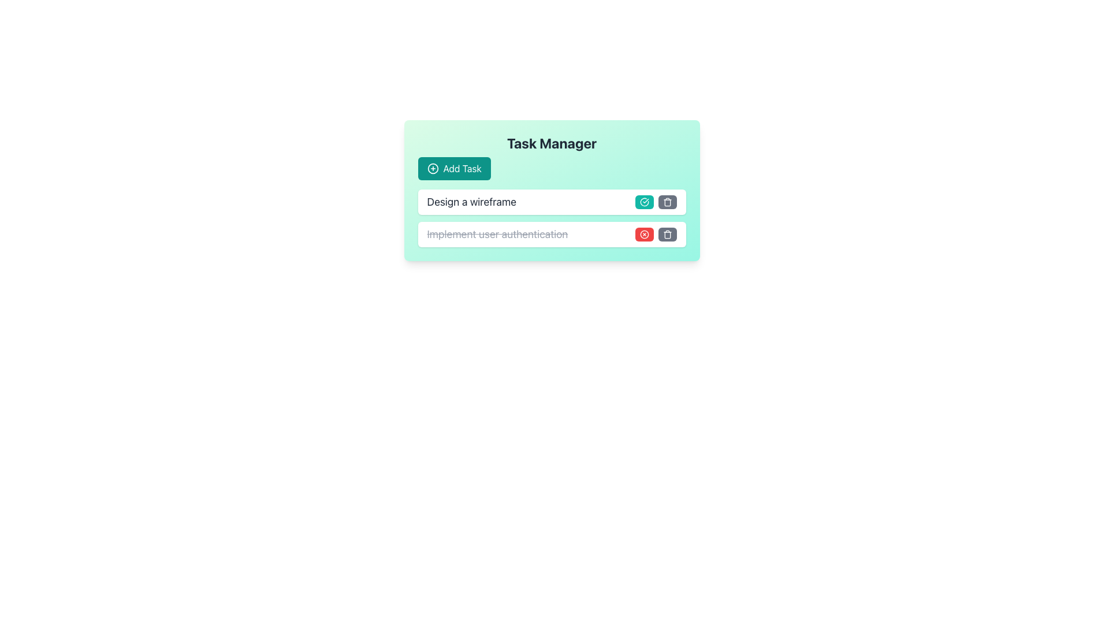 The height and width of the screenshot is (624, 1109). I want to click on the checkmark icon in the 'Design a wireframe' task row, so click(643, 202).